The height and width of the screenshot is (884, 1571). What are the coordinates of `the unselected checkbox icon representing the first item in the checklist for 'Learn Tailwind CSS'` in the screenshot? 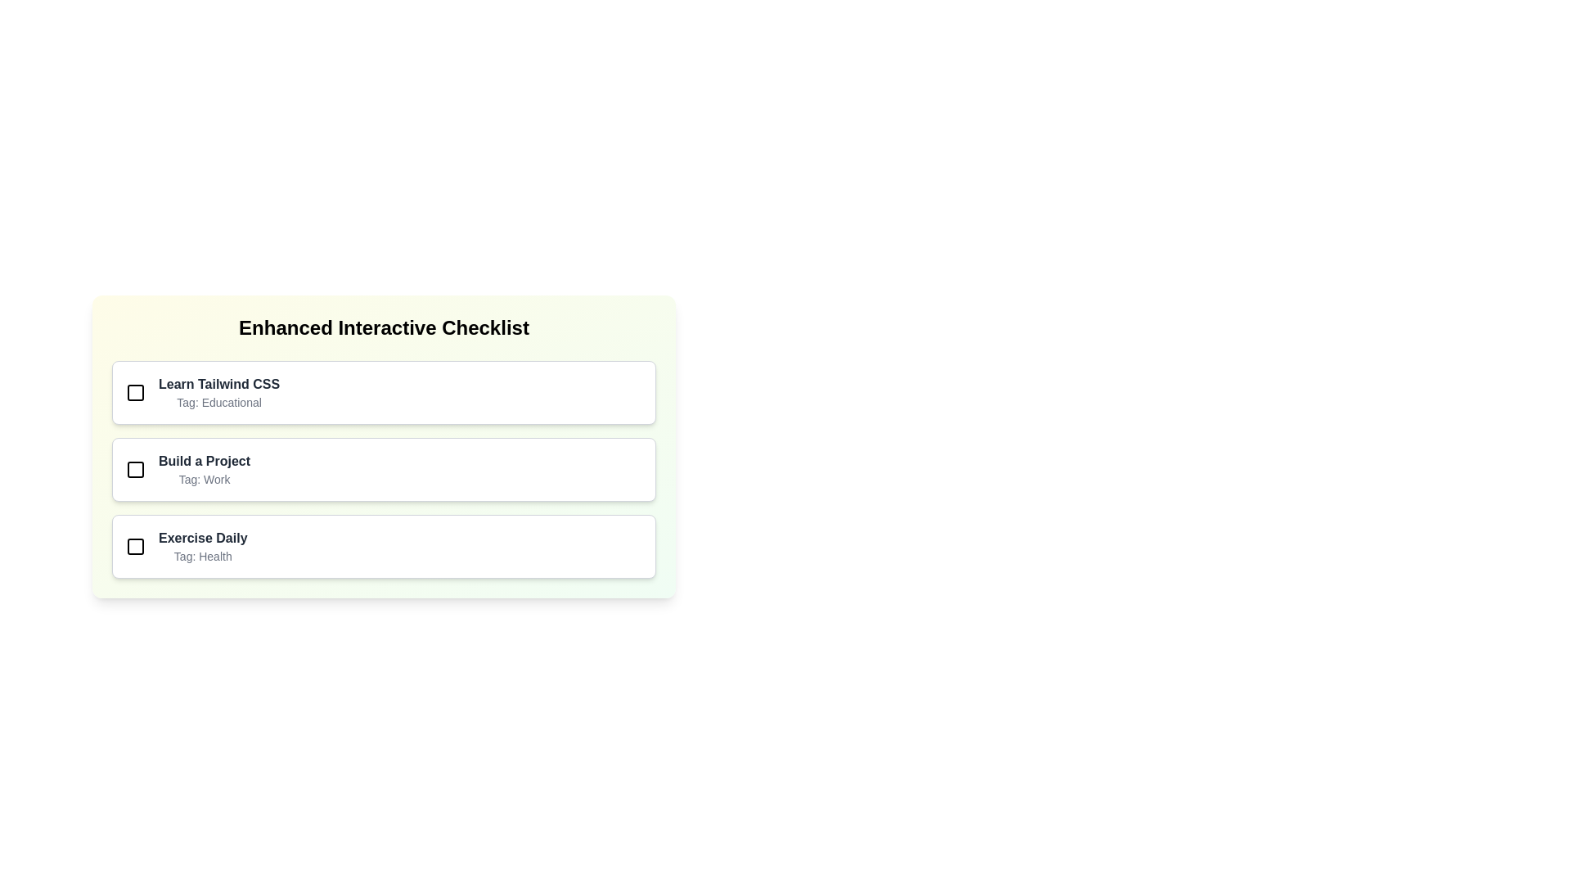 It's located at (136, 392).